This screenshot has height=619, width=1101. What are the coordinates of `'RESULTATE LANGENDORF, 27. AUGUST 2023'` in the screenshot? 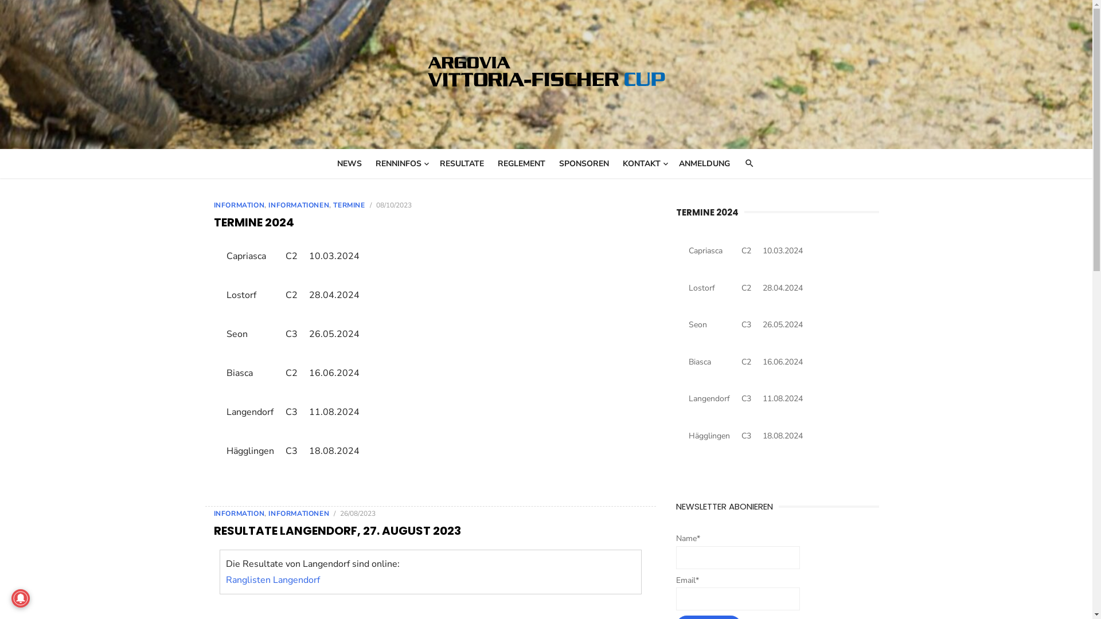 It's located at (336, 530).